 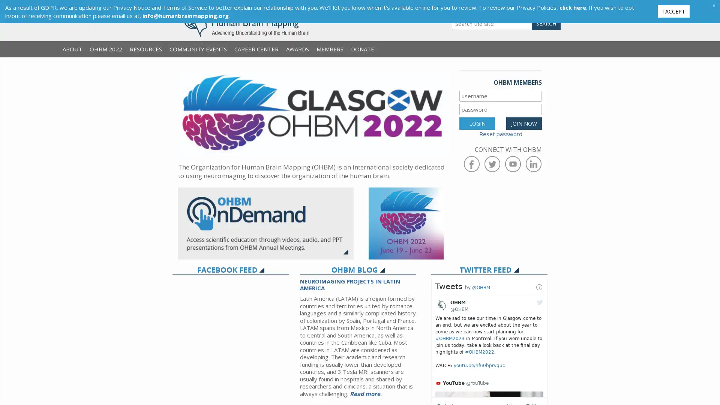 I want to click on LOGIN, so click(x=477, y=123).